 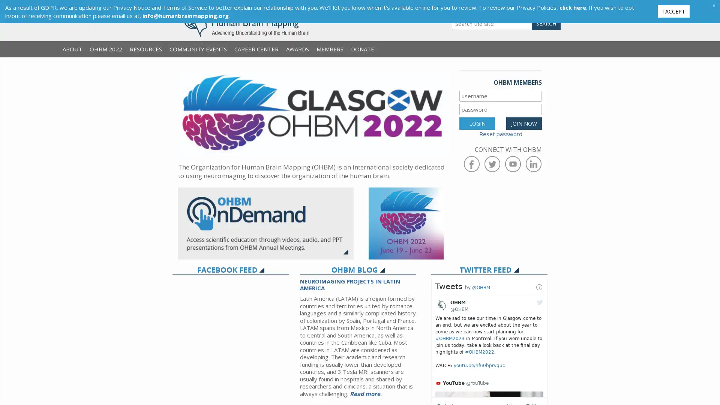 I want to click on LOGIN, so click(x=477, y=123).